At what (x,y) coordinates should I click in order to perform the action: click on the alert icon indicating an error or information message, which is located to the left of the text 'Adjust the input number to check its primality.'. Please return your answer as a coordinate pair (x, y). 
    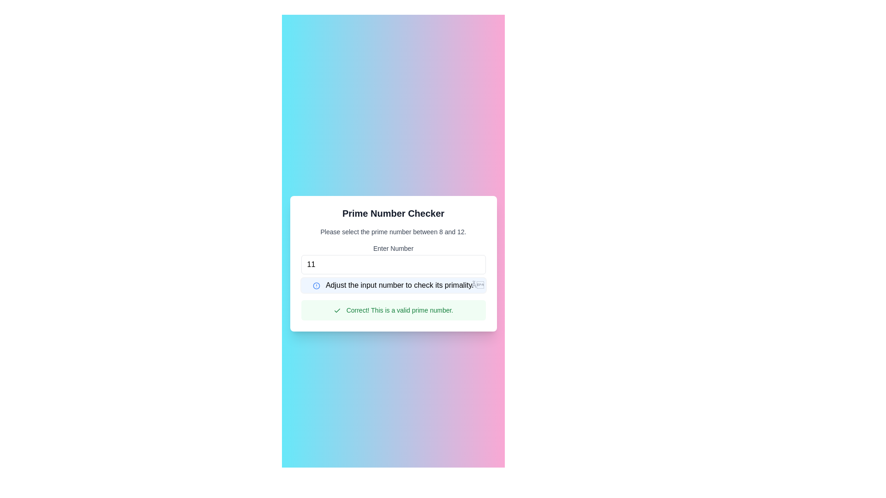
    Looking at the image, I should click on (317, 285).